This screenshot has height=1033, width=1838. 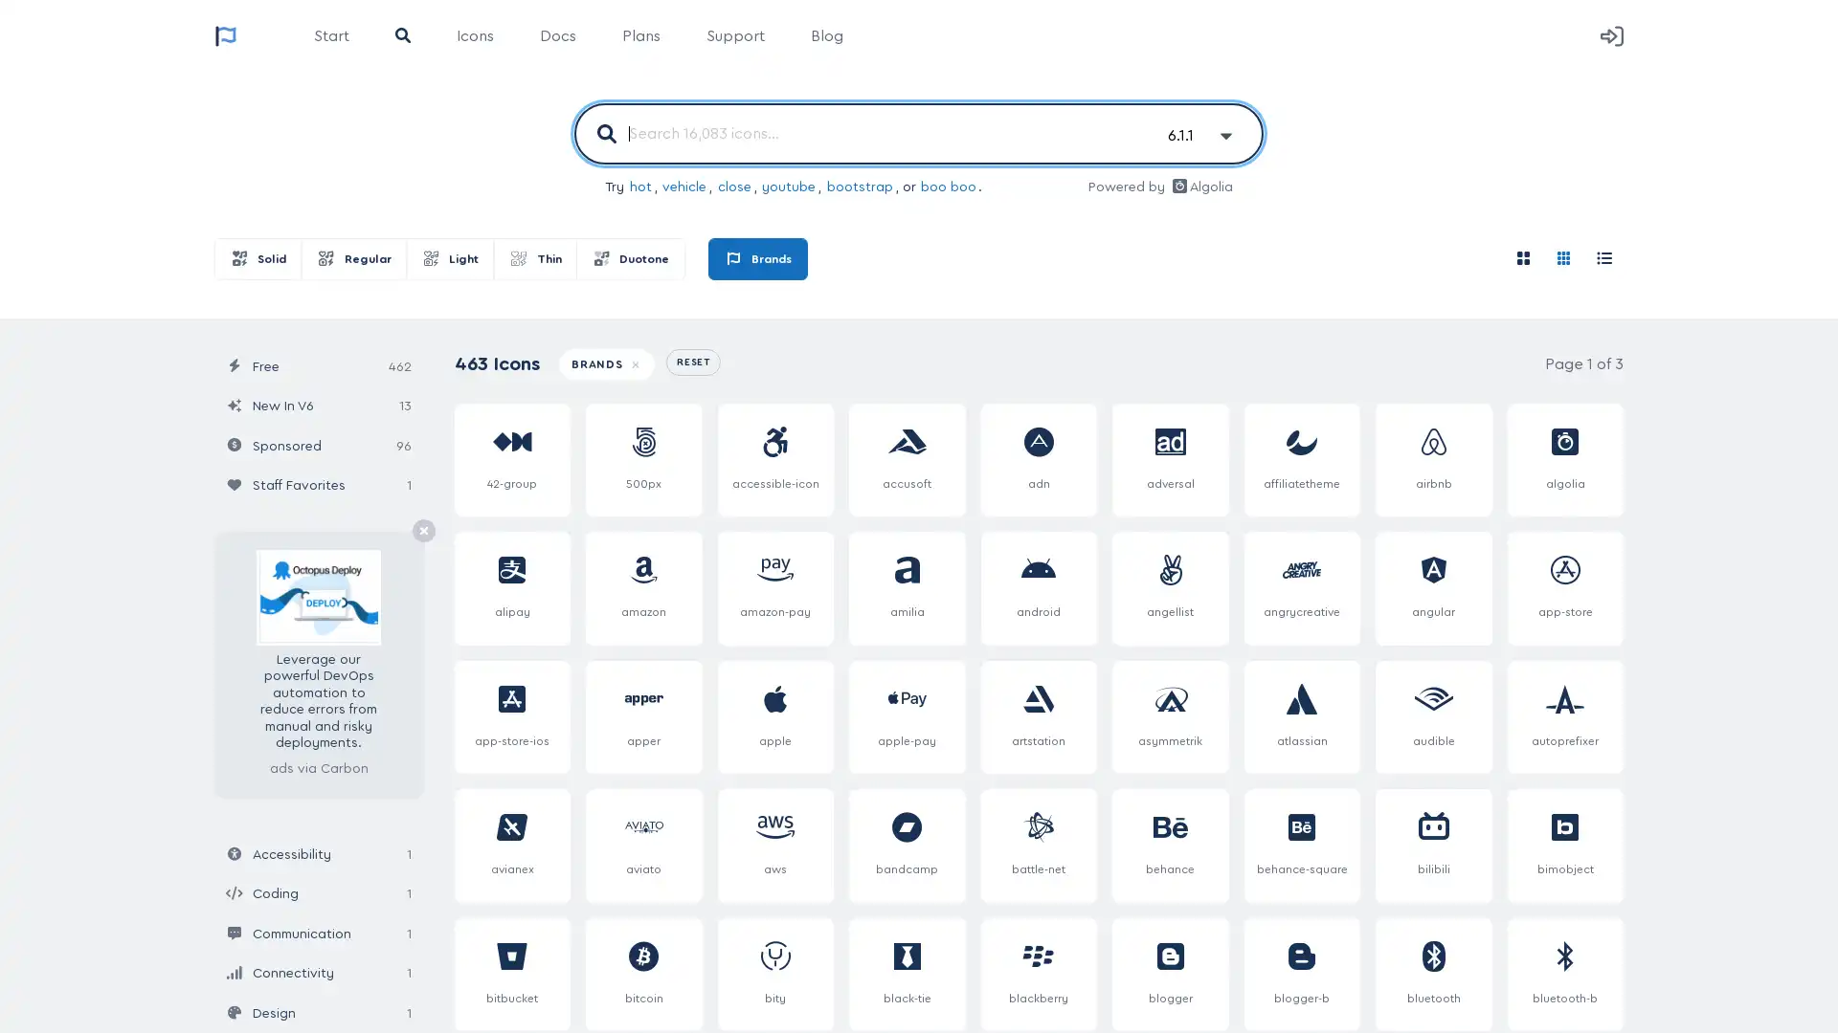 I want to click on Brands, so click(x=948, y=265).